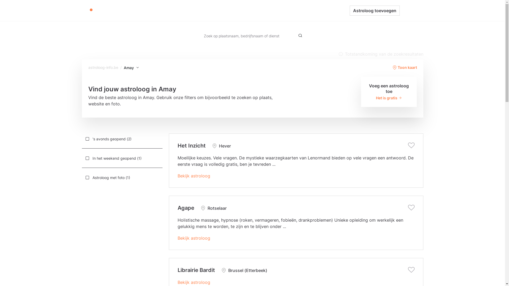  I want to click on 'Bekijk astroloog', so click(194, 176).